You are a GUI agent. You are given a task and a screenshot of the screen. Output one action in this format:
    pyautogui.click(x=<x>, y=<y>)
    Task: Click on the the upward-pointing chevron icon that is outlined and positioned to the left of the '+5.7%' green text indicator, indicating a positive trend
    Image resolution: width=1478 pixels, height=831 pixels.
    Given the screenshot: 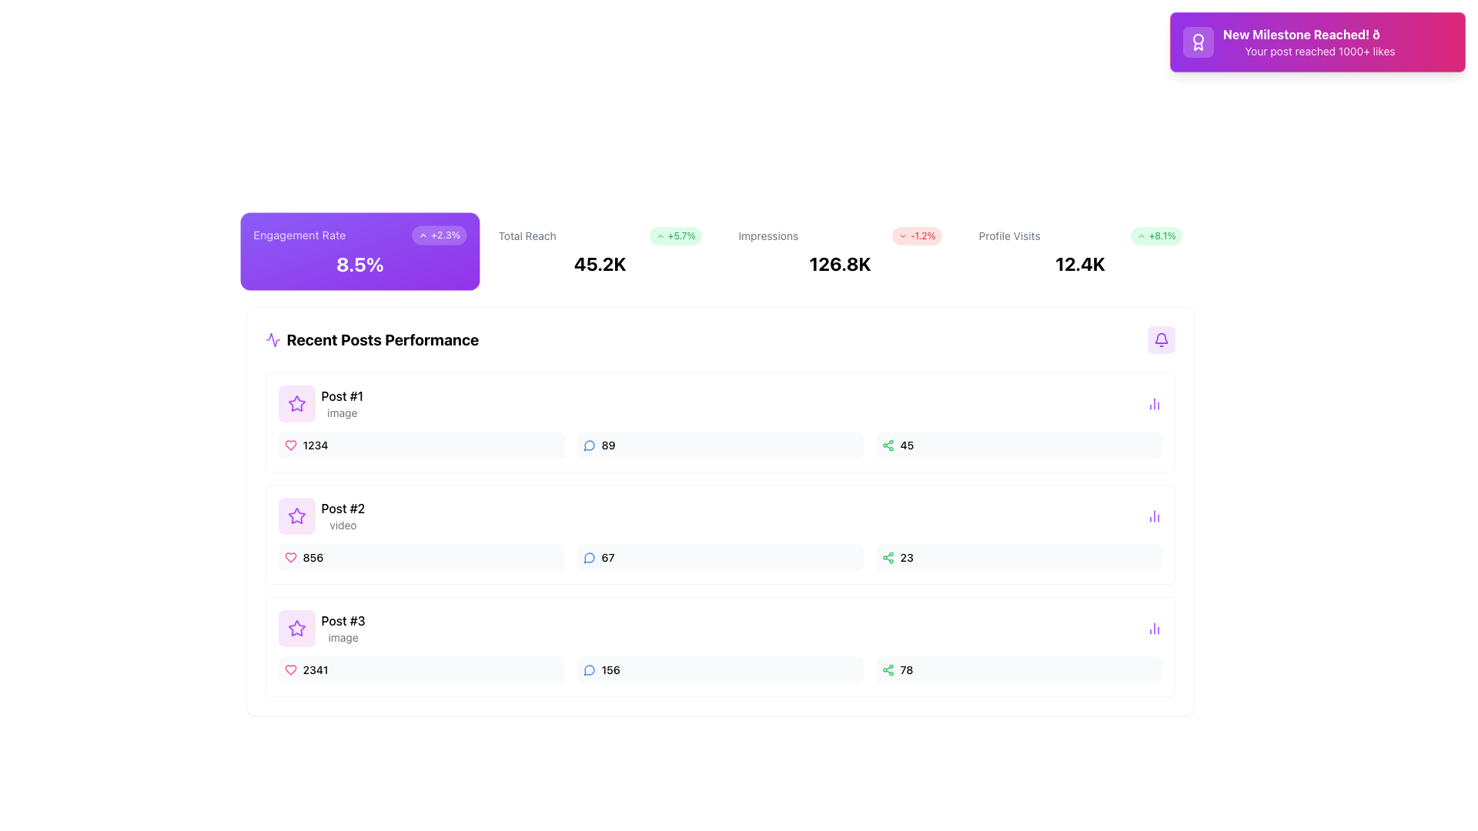 What is the action you would take?
    pyautogui.click(x=660, y=236)
    